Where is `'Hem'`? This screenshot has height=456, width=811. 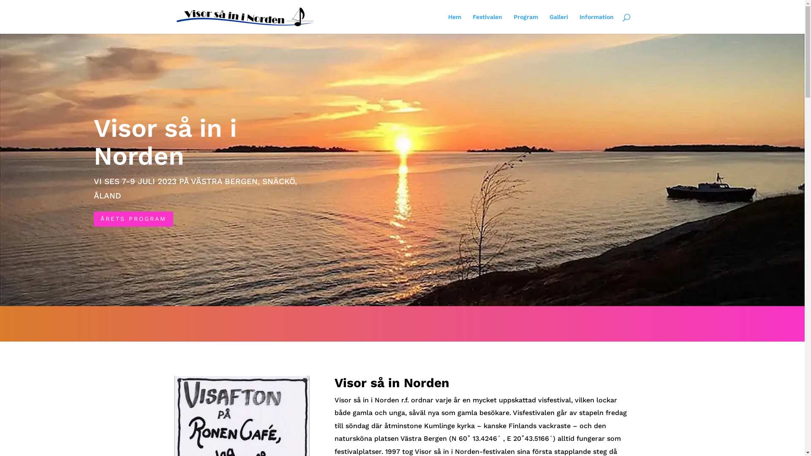 'Hem' is located at coordinates (454, 23).